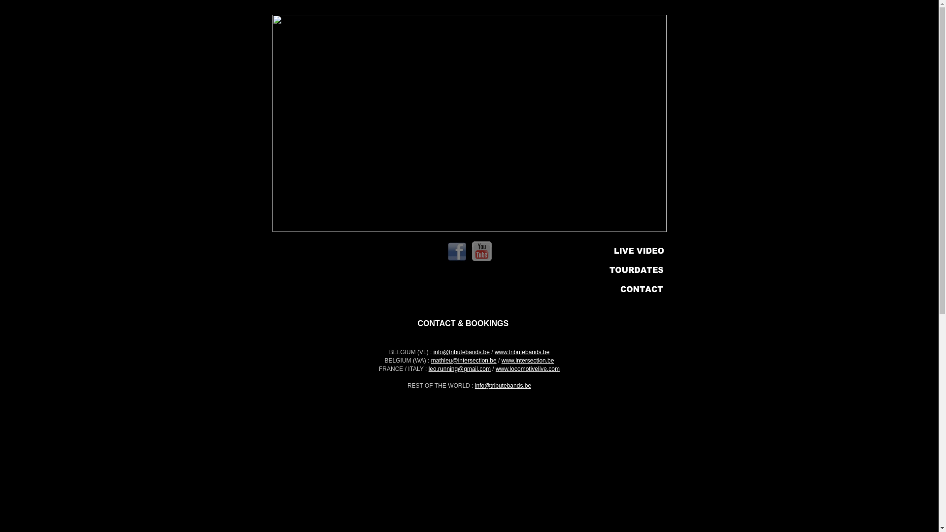  Describe the element at coordinates (459, 368) in the screenshot. I see `'leo.running@gmail.com'` at that location.